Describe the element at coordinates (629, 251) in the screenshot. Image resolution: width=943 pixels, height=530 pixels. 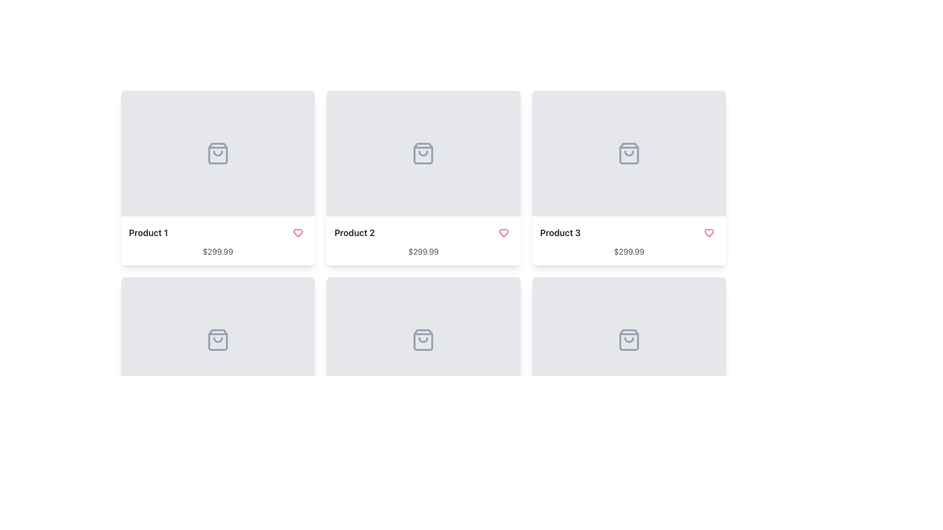
I see `the price label for 'Product 3' located beneath its name, aligned with adjacent price labels for 'Product 1' and 'Product 2'` at that location.